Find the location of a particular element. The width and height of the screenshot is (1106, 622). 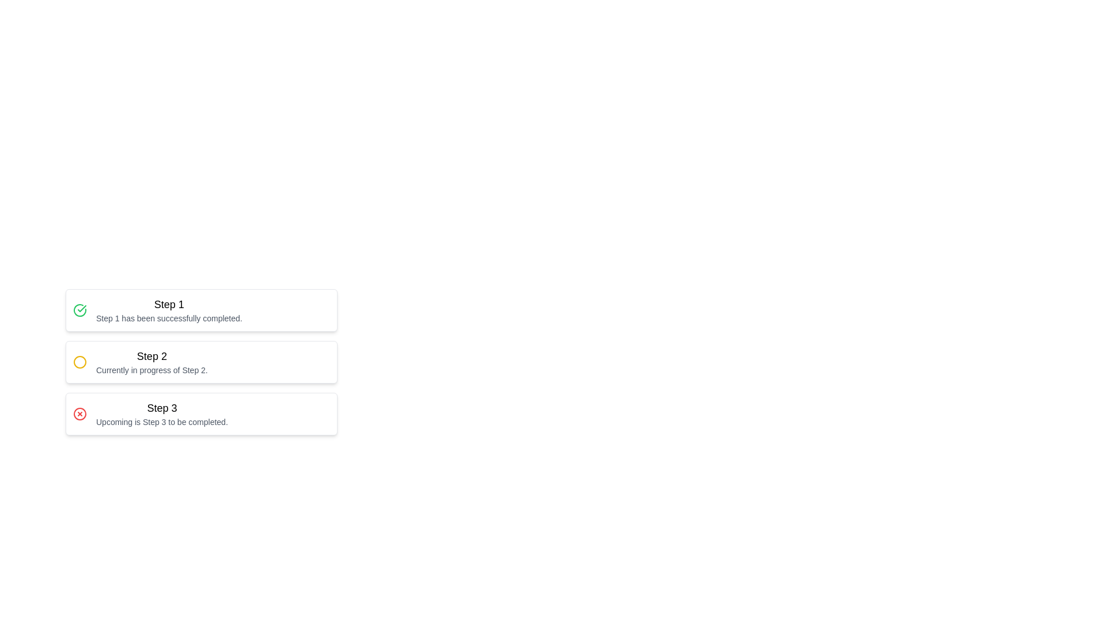

the green circle icon with a white checkmark, positioned to the left of the text 'Step 1 has been successfully completed', by moving the cursor to its center coordinates is located at coordinates (79, 310).